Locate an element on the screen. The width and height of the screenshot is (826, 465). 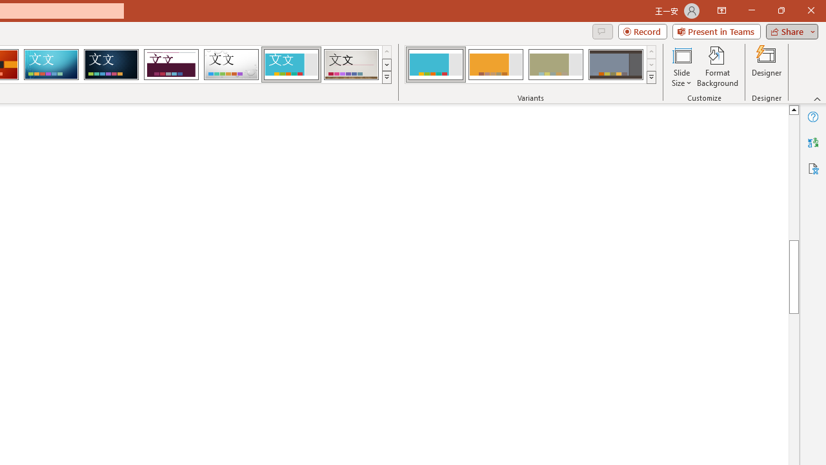
'Dividend' is located at coordinates (170, 65).